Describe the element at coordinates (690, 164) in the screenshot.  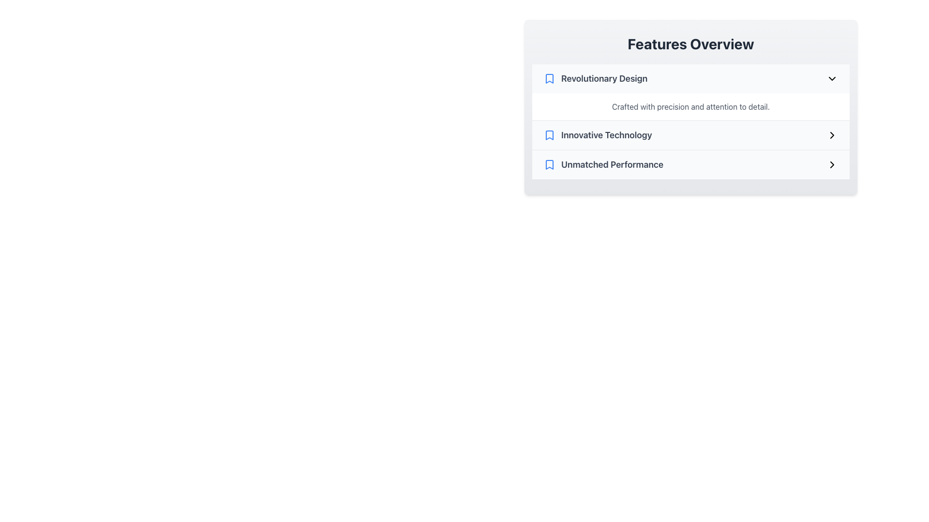
I see `the third list item under the 'Features Overview' section titled 'Unmatched Performance'` at that location.